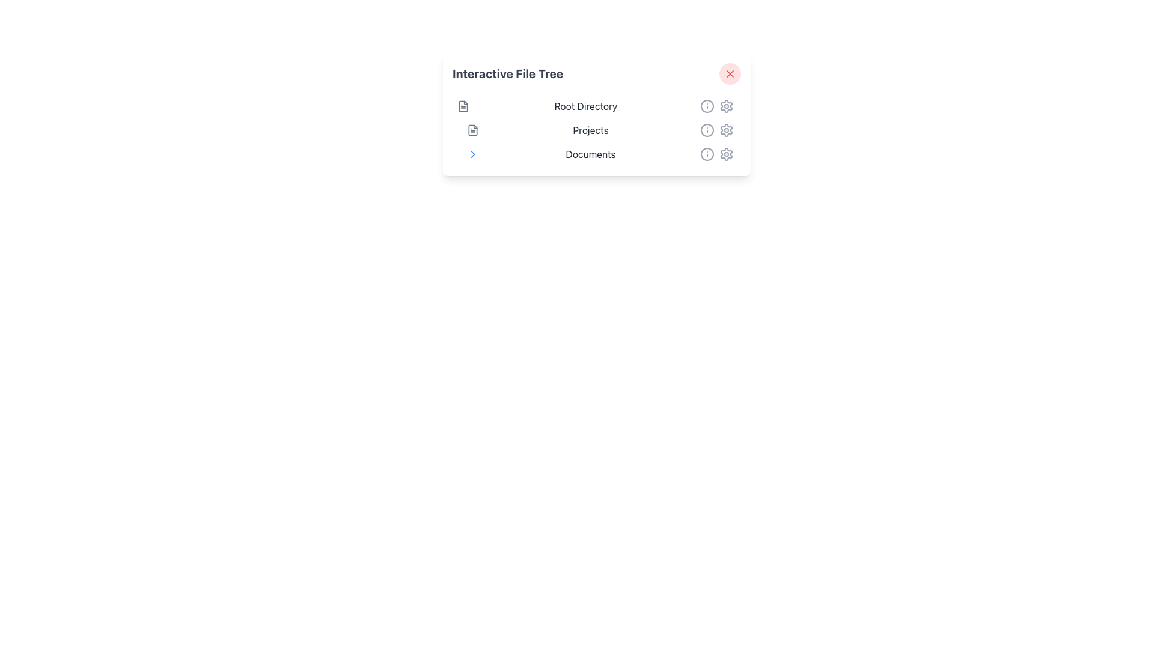 This screenshot has height=649, width=1154. Describe the element at coordinates (707, 106) in the screenshot. I see `the informational icon in the 'Root Directory' row of the 'Interactive File Tree', which is the second icon to the right of the label text` at that location.